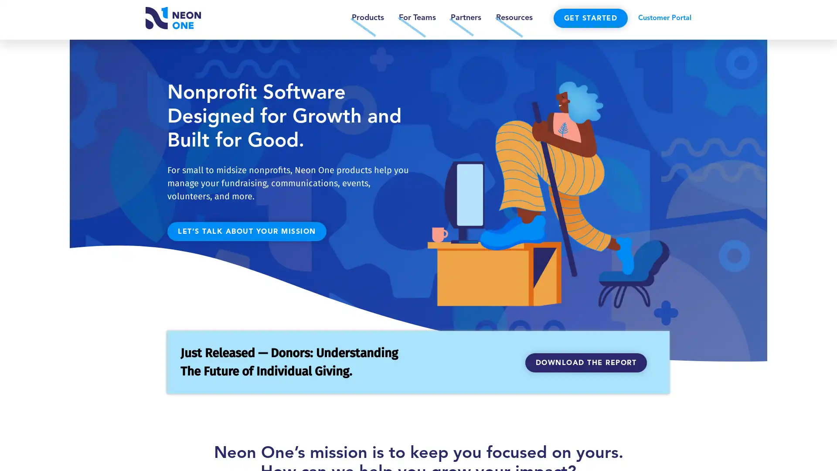 The width and height of the screenshot is (837, 471). I want to click on Resources, so click(514, 18).